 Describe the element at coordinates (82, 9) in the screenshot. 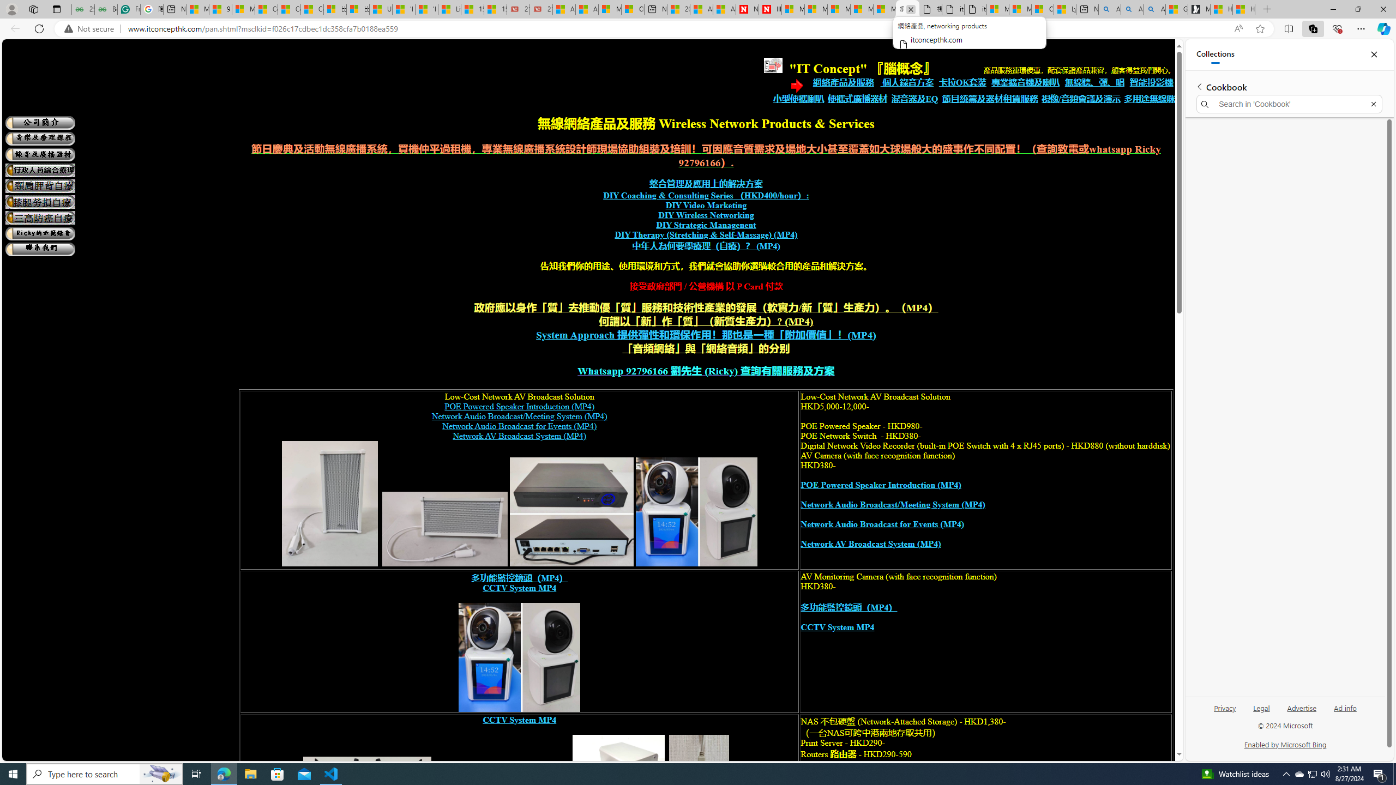

I see `'25 Basic Linux Commands For Beginners - GeeksforGeeks'` at that location.